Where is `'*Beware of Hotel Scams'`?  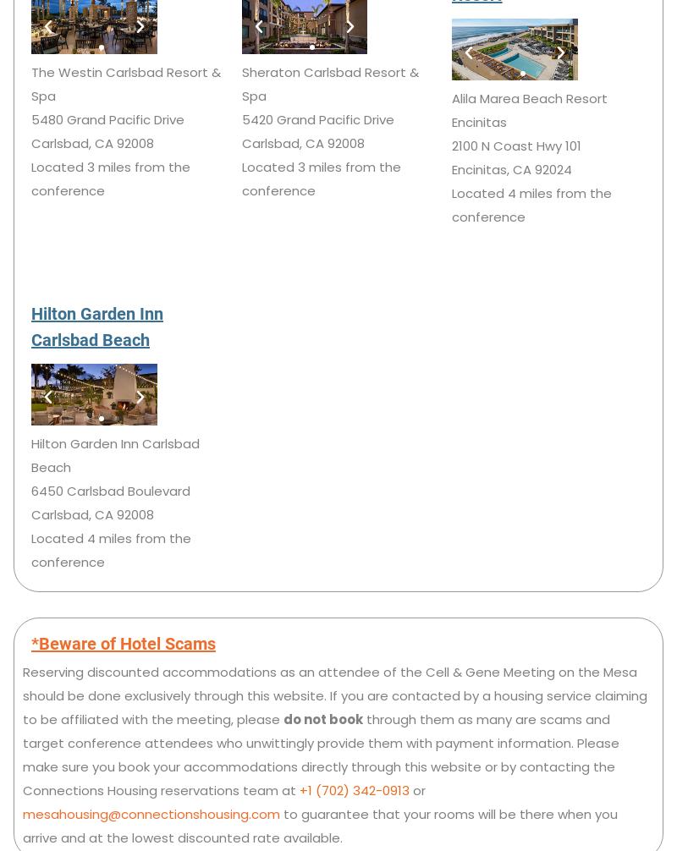 '*Beware of Hotel Scams' is located at coordinates (124, 642).